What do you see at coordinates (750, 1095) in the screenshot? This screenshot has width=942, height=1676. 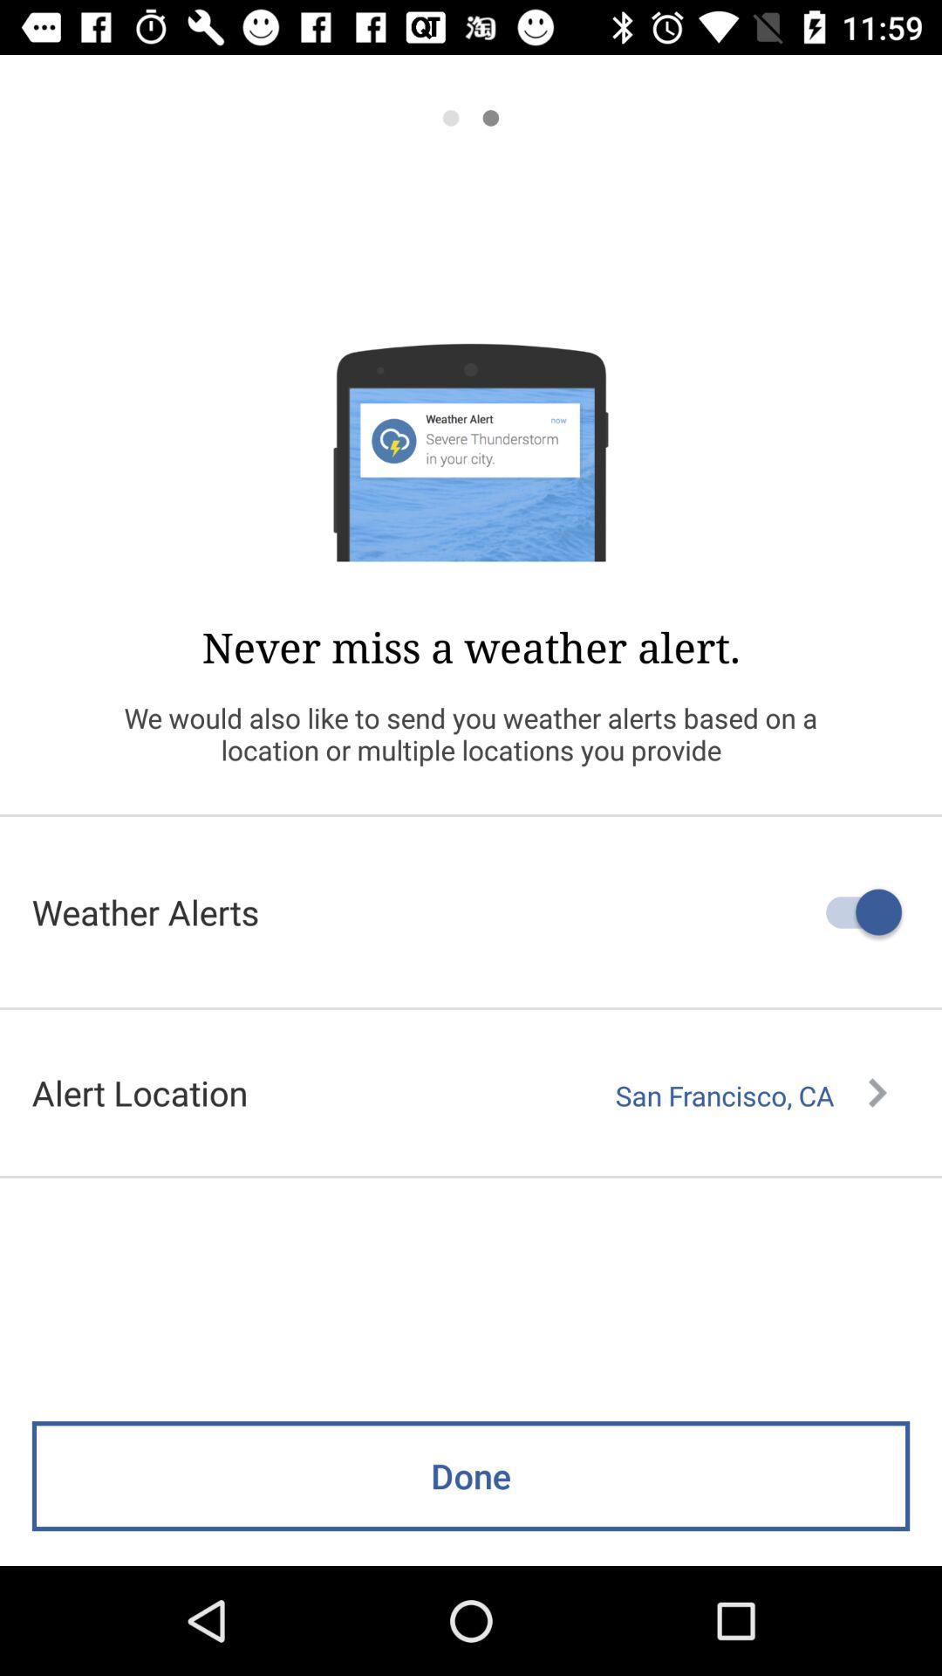 I see `item to the right of the alert location` at bounding box center [750, 1095].